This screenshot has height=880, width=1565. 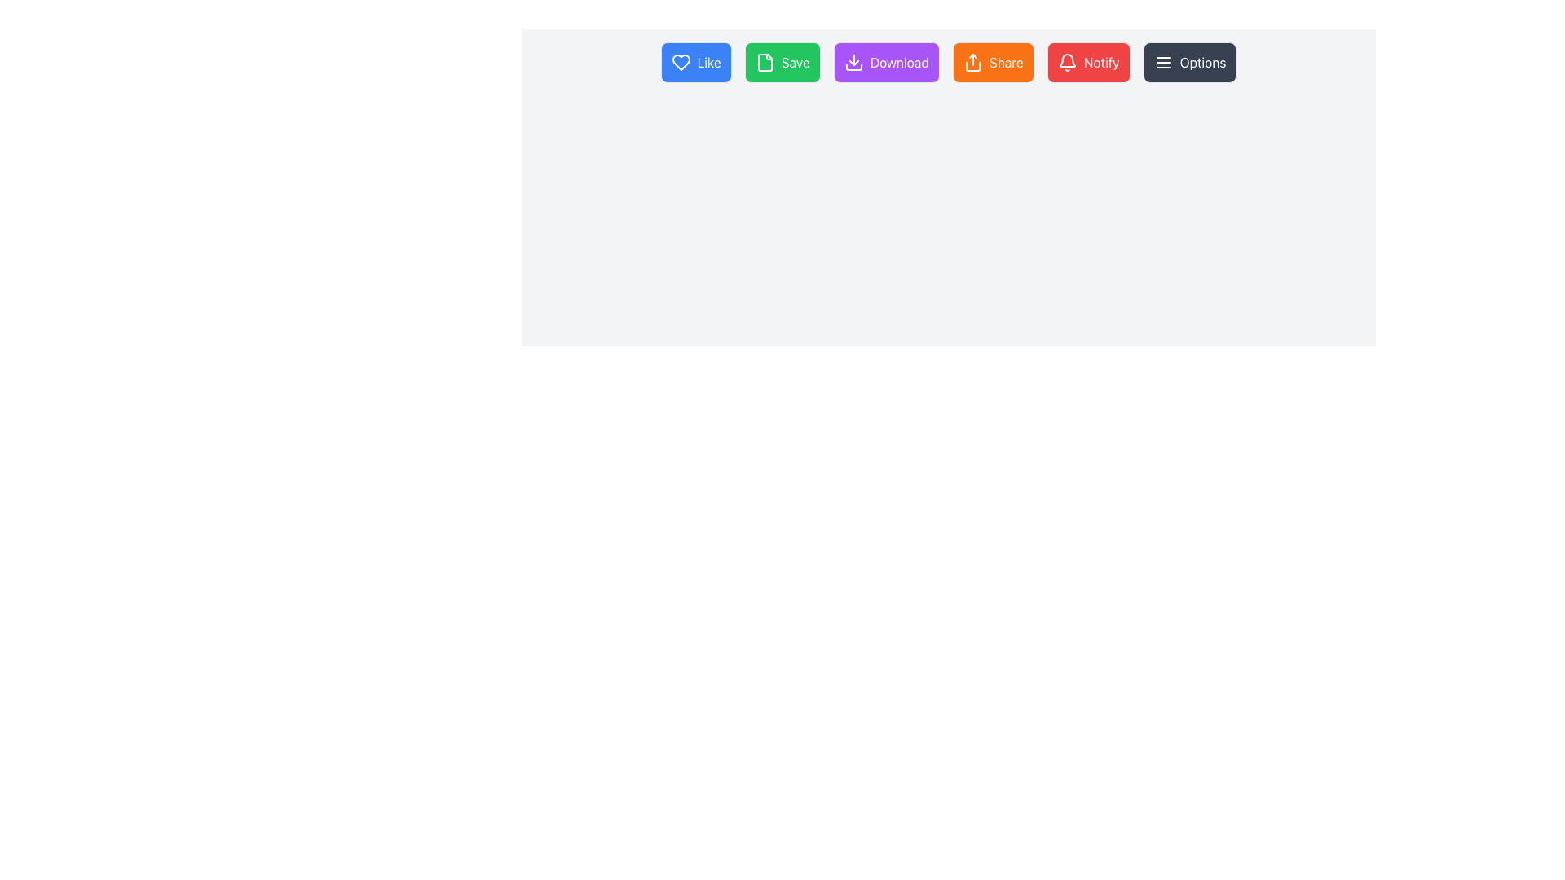 I want to click on the heart icon button, which is the first item in a top-aligned horizontal group of interactive buttons located near the top-left corner of the interface, so click(x=681, y=62).